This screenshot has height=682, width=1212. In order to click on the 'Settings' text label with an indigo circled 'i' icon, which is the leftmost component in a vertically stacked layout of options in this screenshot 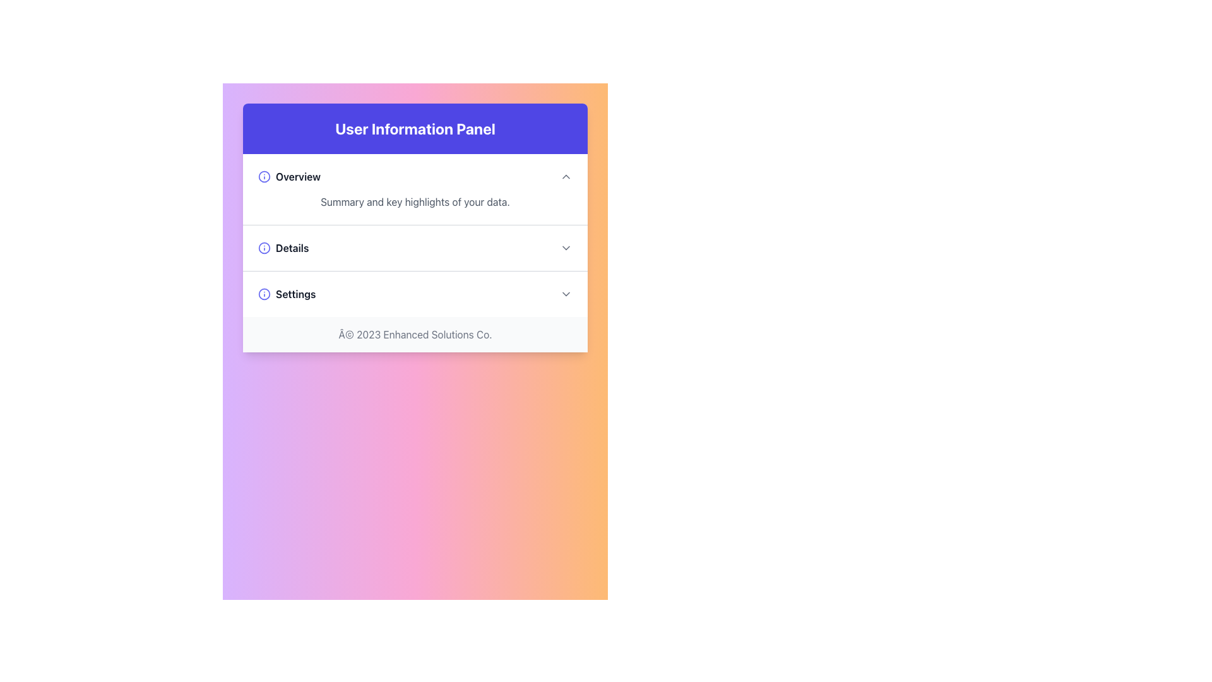, I will do `click(286, 294)`.